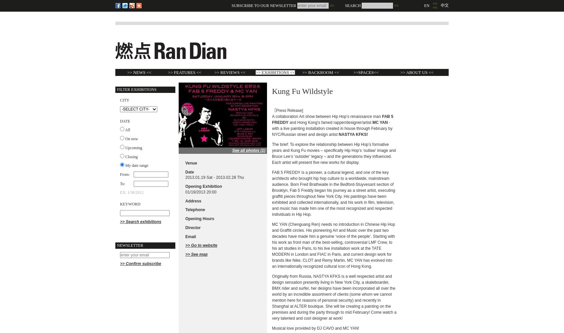  Describe the element at coordinates (191, 163) in the screenshot. I see `'Venue'` at that location.